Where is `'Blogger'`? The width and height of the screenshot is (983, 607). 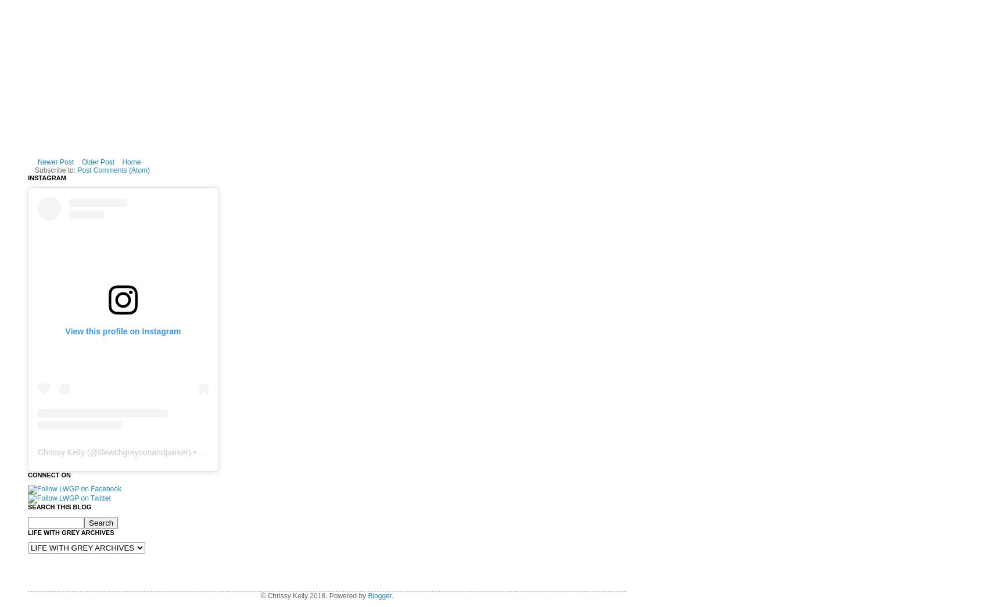
'Blogger' is located at coordinates (379, 595).